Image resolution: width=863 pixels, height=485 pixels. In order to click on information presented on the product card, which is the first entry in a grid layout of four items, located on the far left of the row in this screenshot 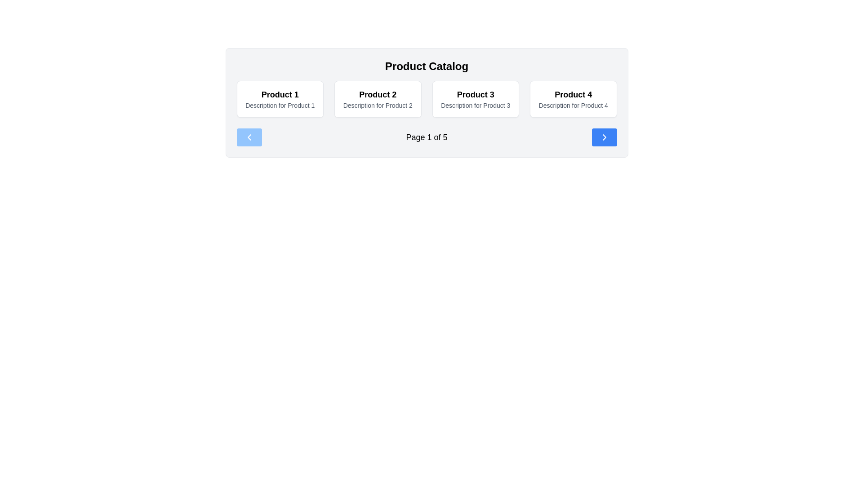, I will do `click(280, 99)`.